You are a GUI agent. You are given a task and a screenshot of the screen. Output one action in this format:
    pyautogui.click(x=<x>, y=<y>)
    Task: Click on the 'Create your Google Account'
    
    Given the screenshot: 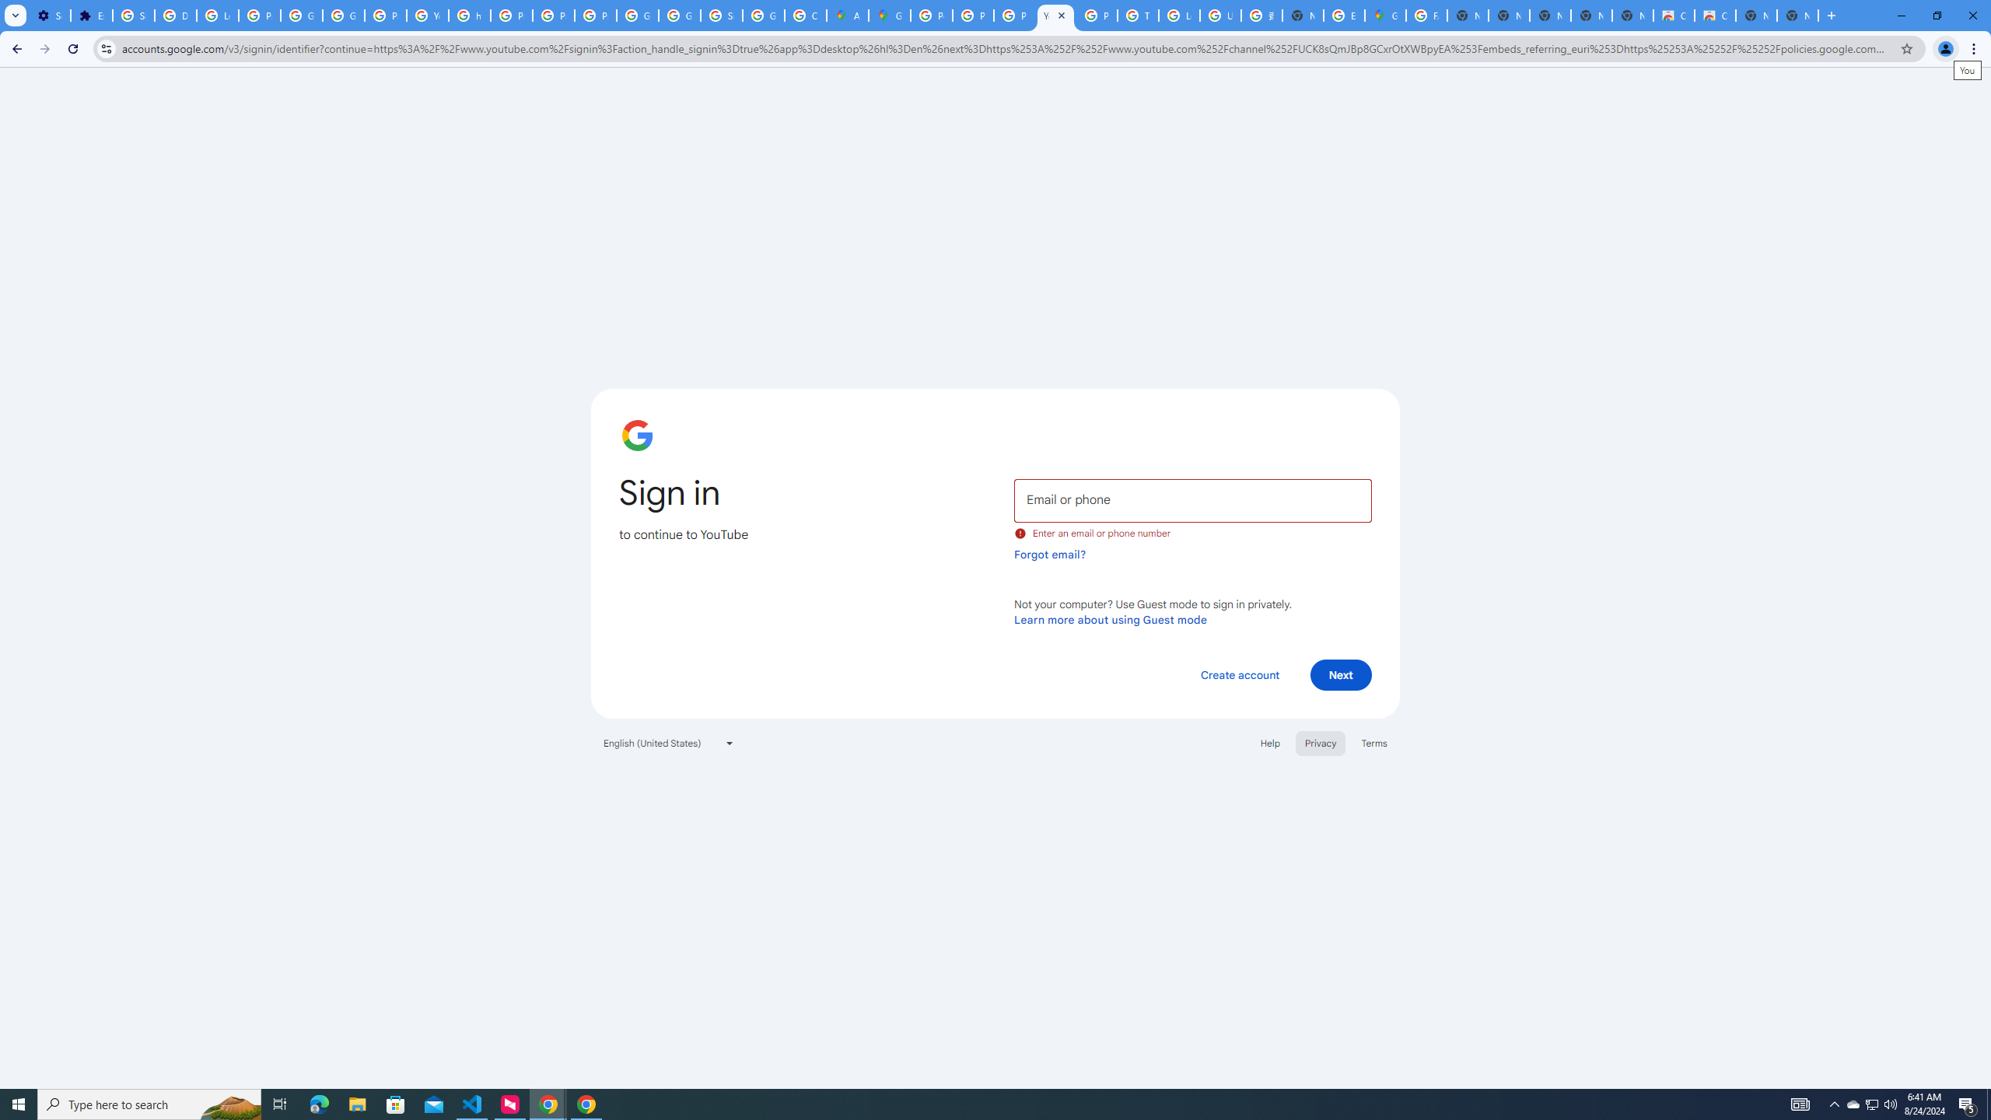 What is the action you would take?
    pyautogui.click(x=805, y=15)
    